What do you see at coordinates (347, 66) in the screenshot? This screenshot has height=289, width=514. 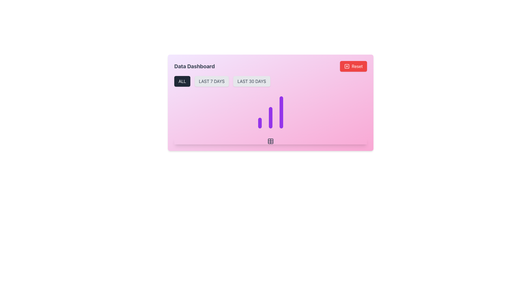 I see `the 'Reset' icon located at the top-right corner of the interface, which visually represents the 'Reset' action` at bounding box center [347, 66].